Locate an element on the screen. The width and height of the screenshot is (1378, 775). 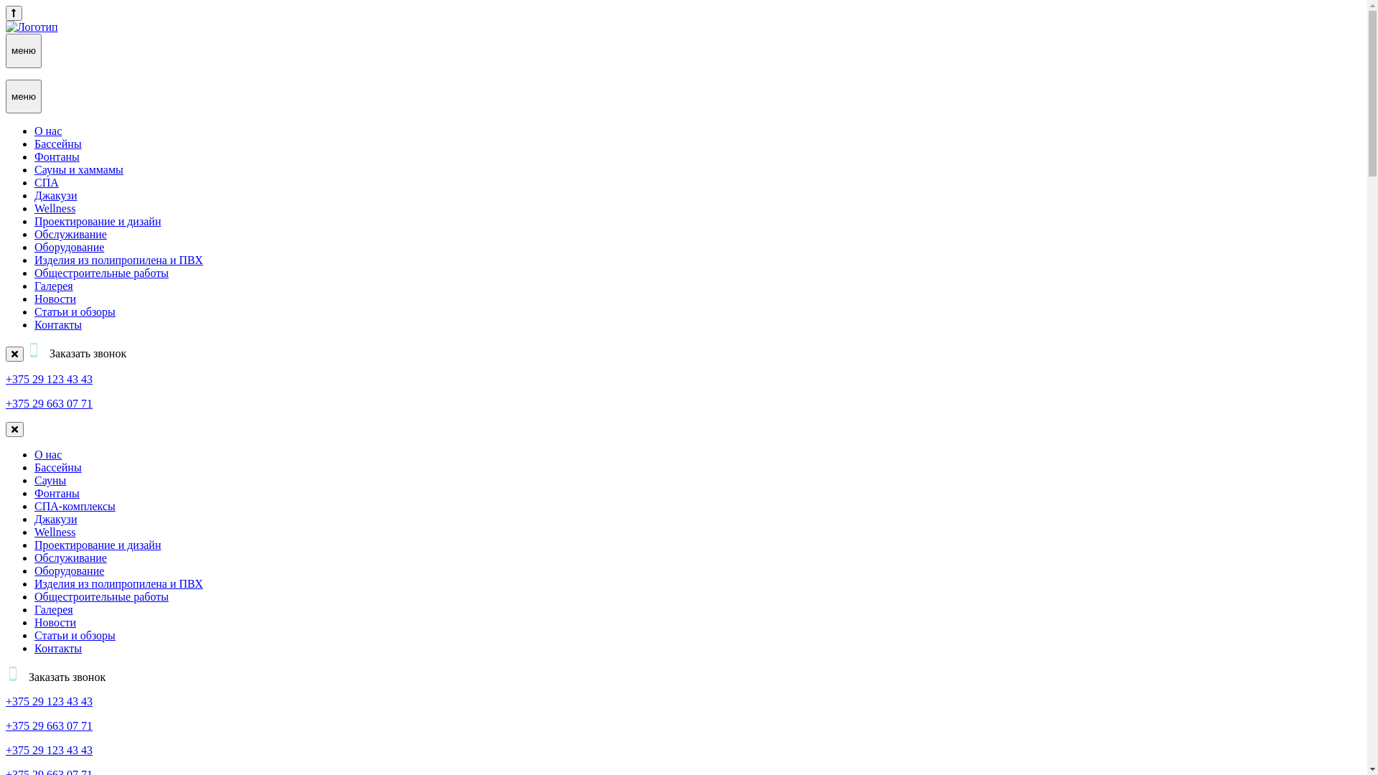
'Wellness' is located at coordinates (55, 208).